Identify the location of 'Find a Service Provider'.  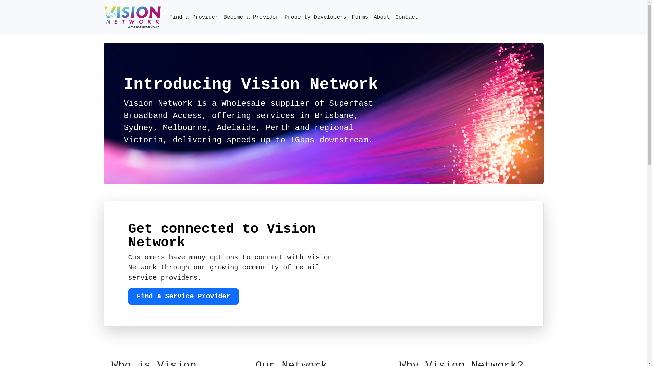
(128, 296).